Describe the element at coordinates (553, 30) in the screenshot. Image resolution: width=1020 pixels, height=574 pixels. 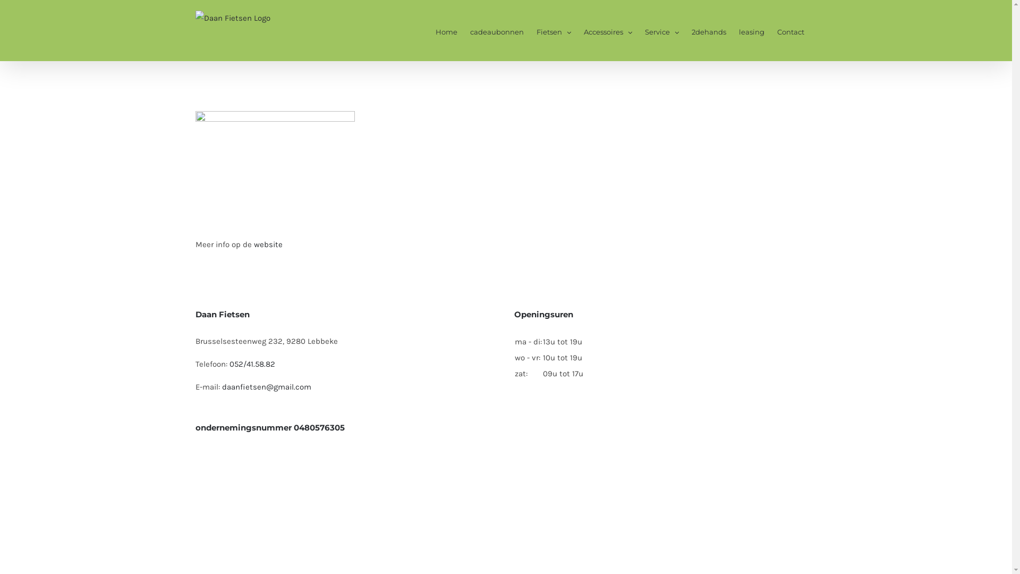
I see `'Fietsen'` at that location.